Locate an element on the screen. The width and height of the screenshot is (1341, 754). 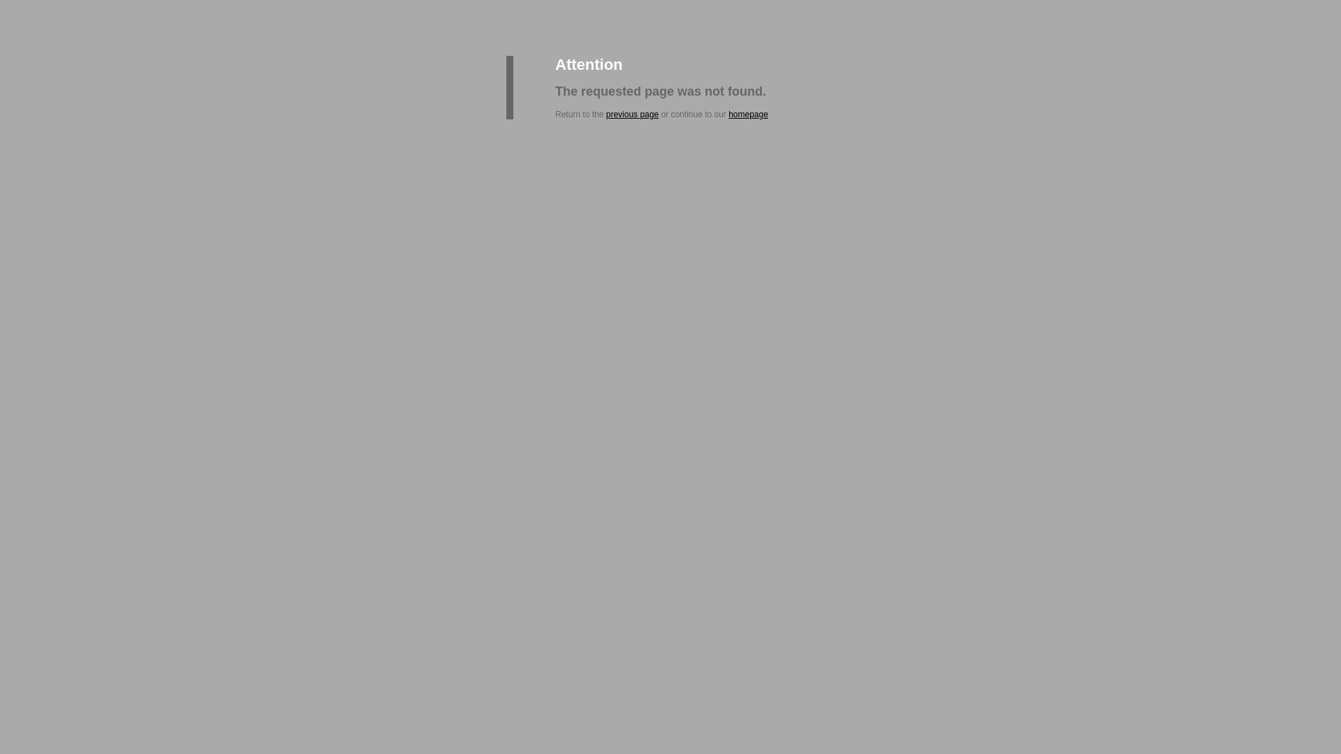
'homepage' is located at coordinates (747, 114).